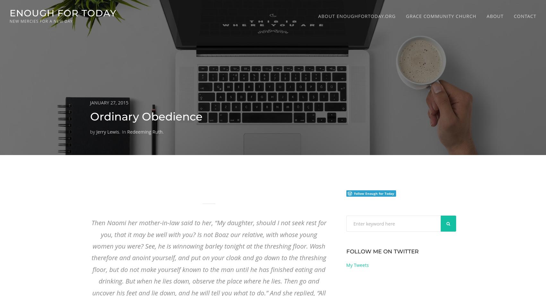  What do you see at coordinates (382, 251) in the screenshot?
I see `'Follow me on Twitter'` at bounding box center [382, 251].